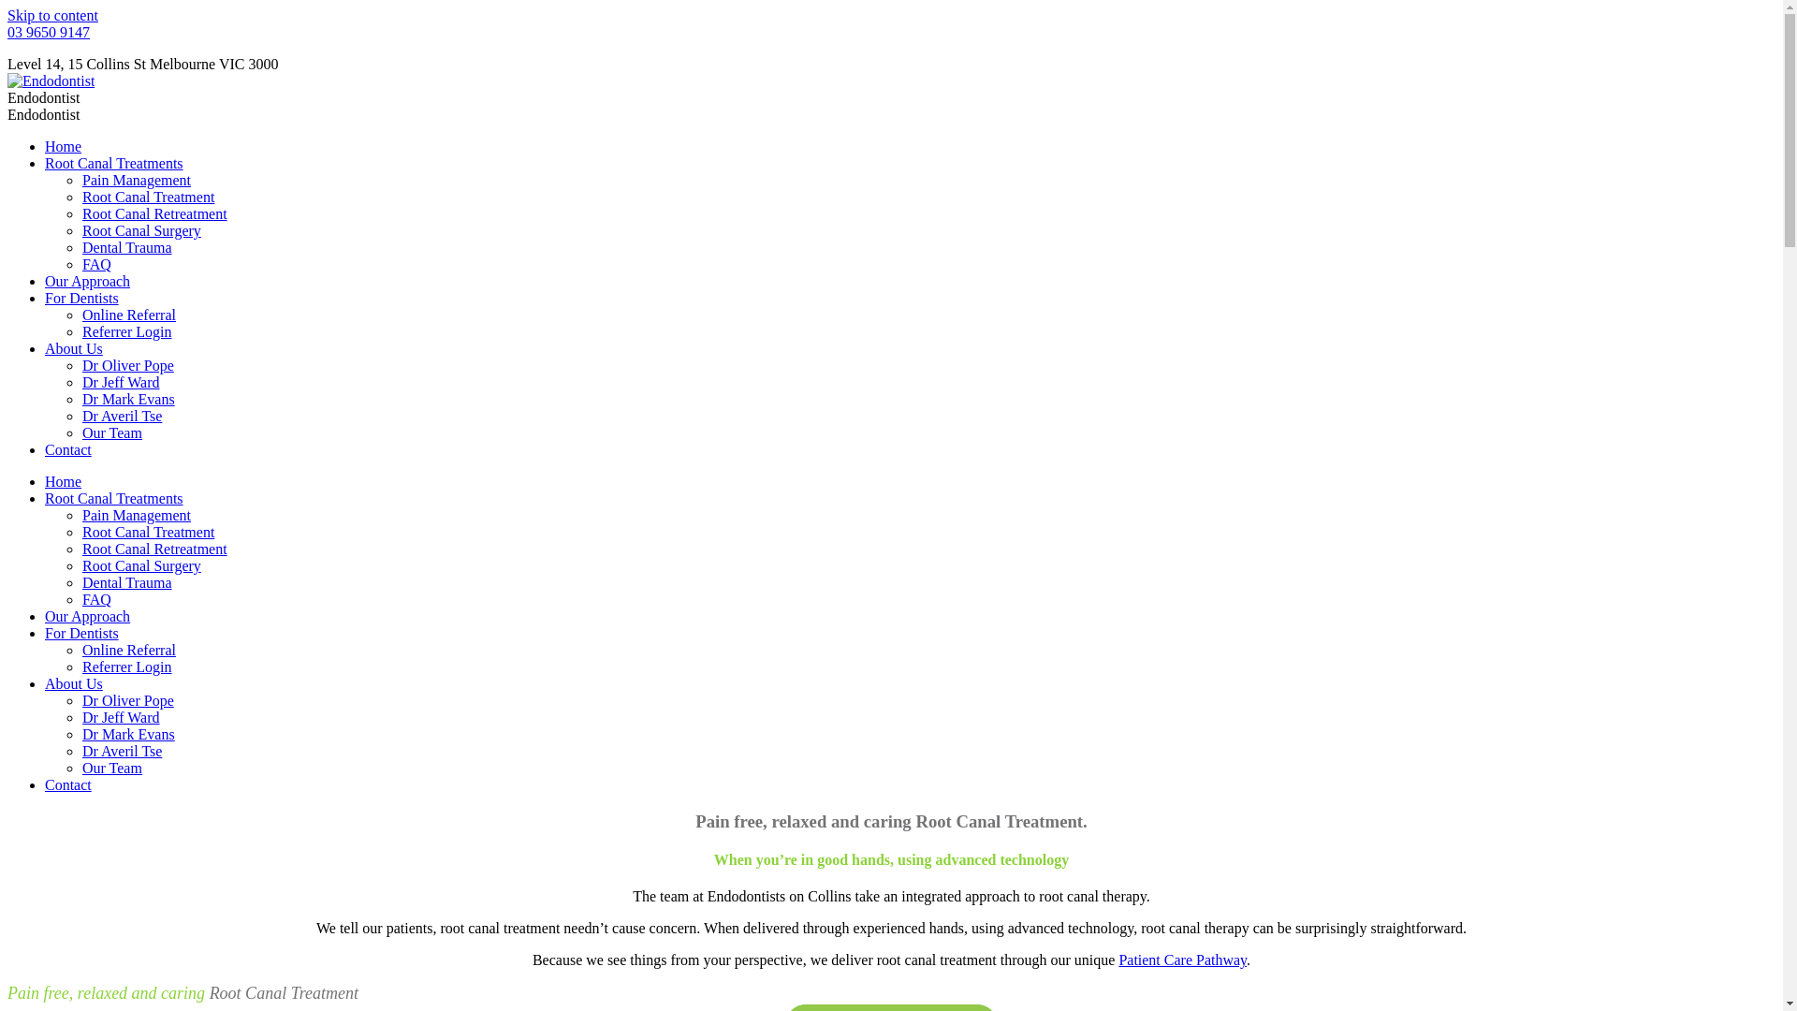 This screenshot has height=1011, width=1797. What do you see at coordinates (127, 700) in the screenshot?
I see `'Dr Oliver Pope'` at bounding box center [127, 700].